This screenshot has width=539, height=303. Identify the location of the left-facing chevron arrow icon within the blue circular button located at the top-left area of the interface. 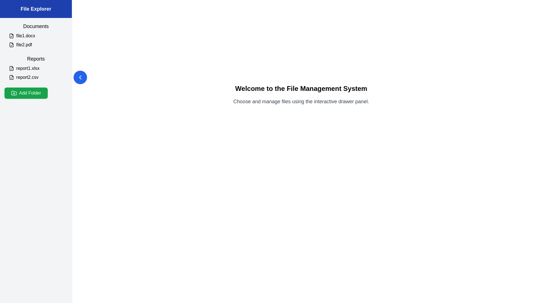
(80, 77).